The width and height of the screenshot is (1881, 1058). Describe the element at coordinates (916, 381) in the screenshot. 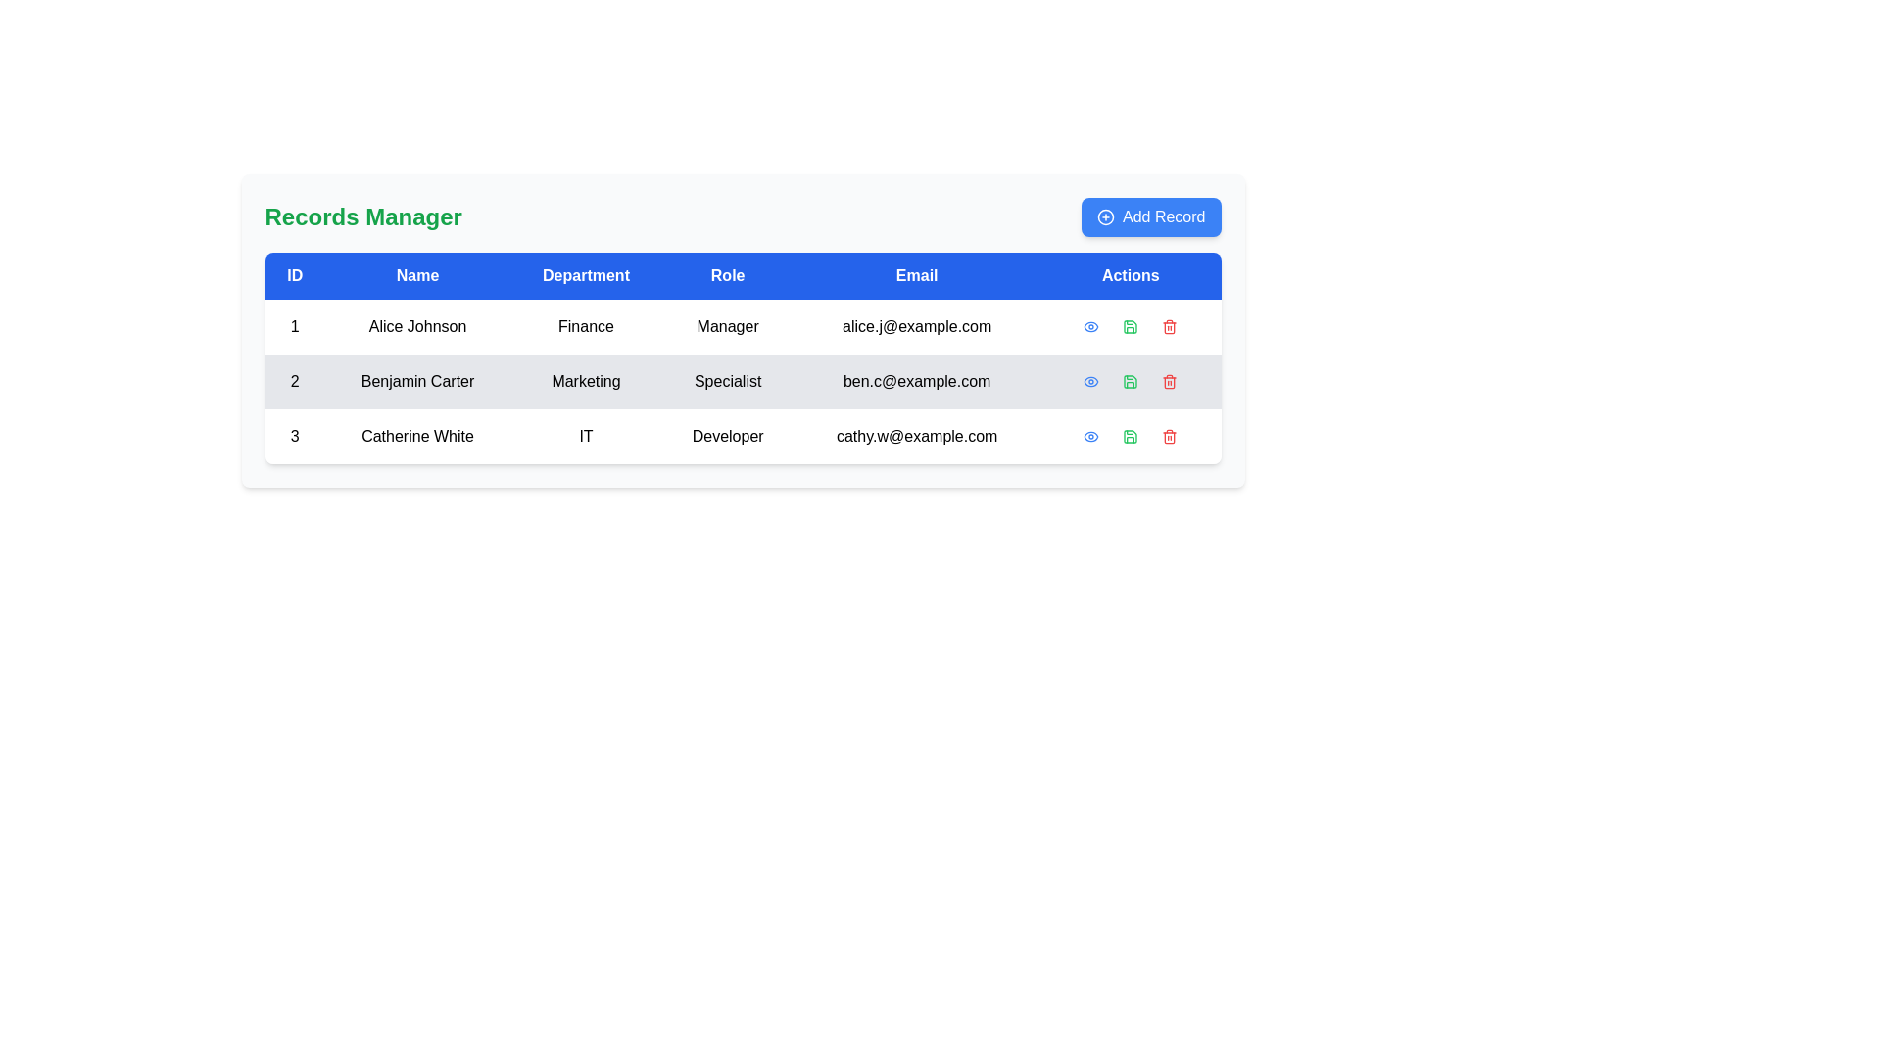

I see `the static text displaying the email address of 'Benjamin Carter' located in the fifth column of the second row of the table` at that location.